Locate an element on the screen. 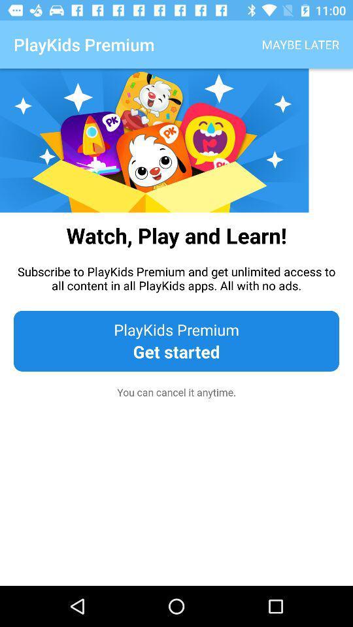  item next to the playkids premium is located at coordinates (300, 44).